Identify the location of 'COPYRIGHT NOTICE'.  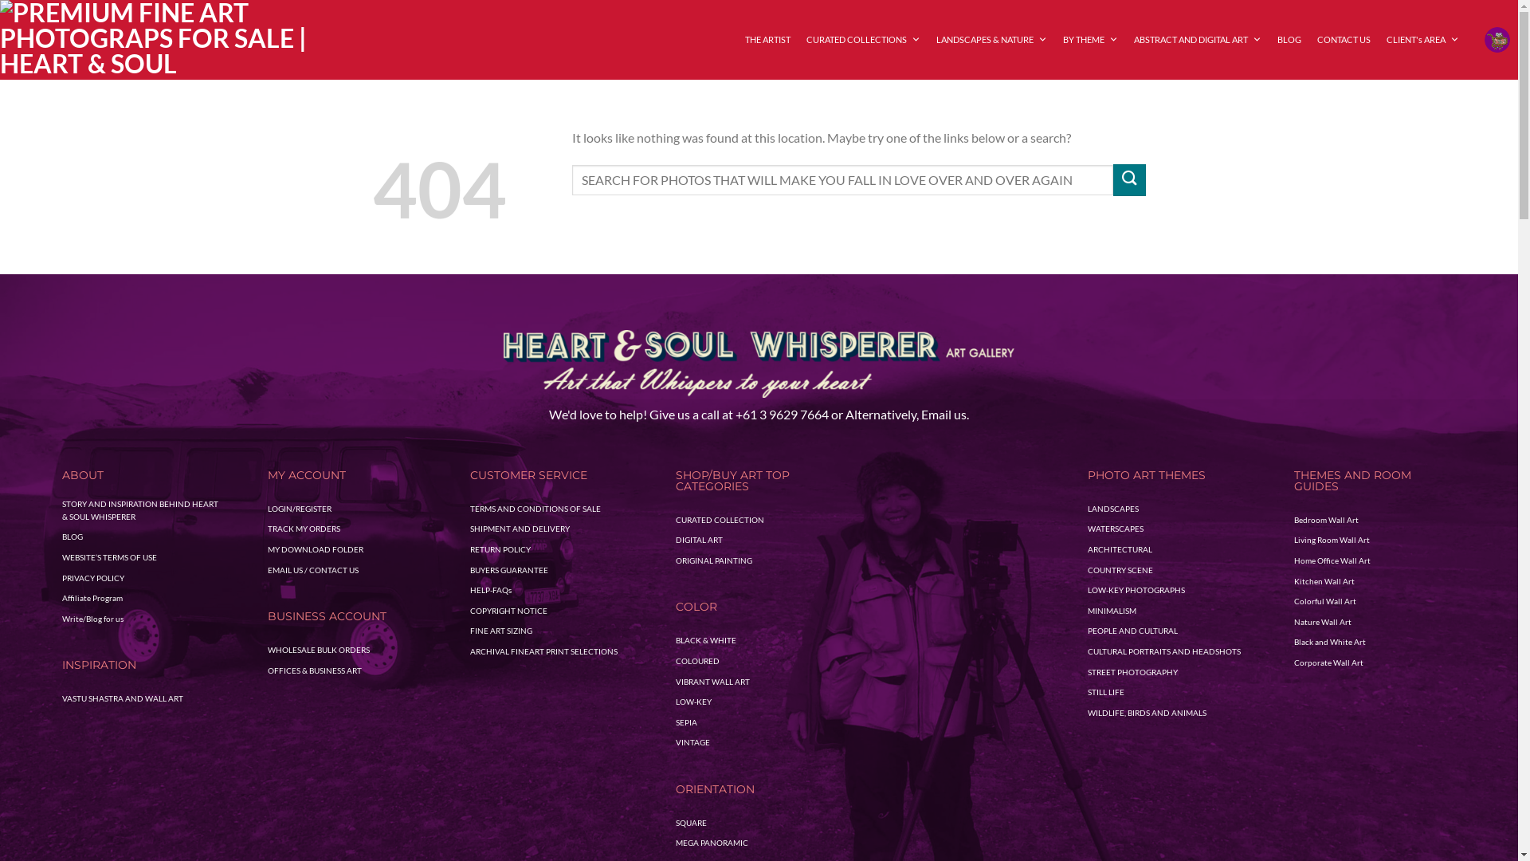
(508, 610).